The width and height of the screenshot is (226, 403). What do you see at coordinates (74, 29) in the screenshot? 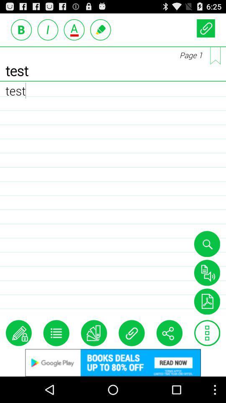
I see `click text option` at bounding box center [74, 29].